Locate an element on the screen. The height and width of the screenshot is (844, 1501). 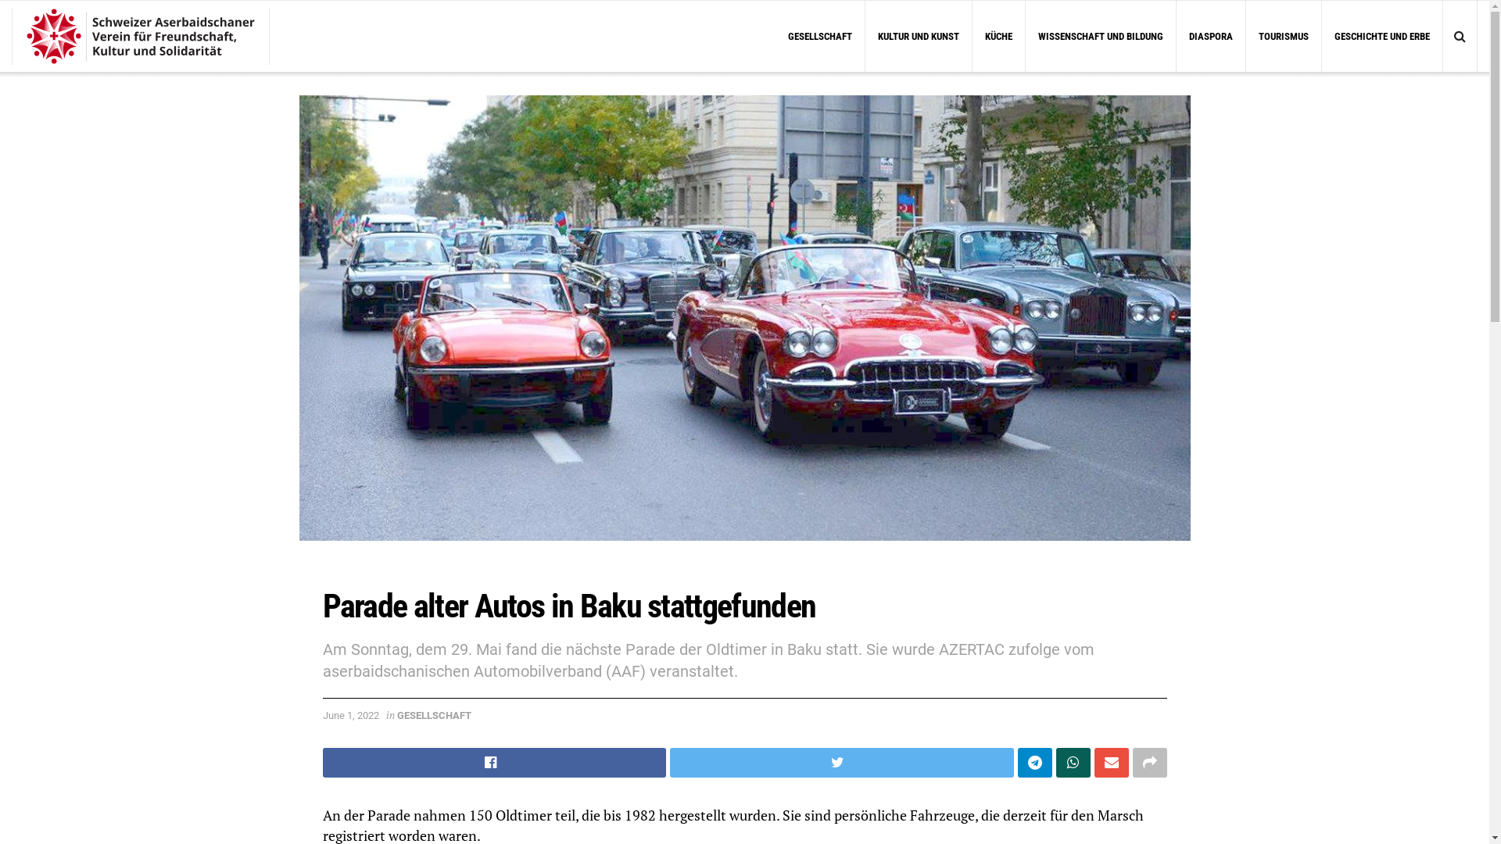
'WISSENSCHAFT UND BILDUNG' is located at coordinates (1099, 35).